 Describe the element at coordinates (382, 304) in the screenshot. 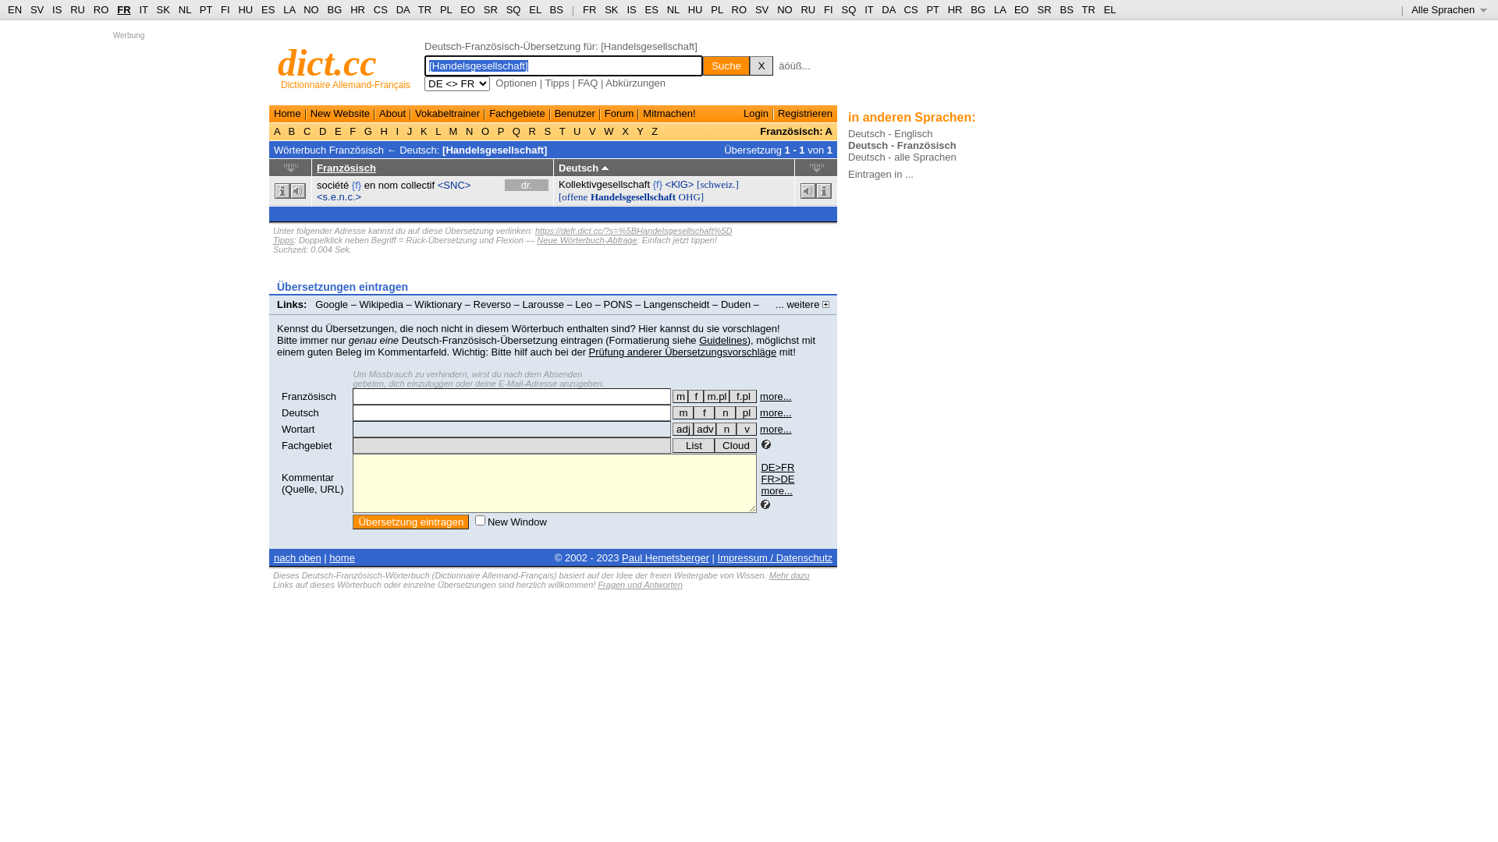

I see `'Wikipedia'` at that location.